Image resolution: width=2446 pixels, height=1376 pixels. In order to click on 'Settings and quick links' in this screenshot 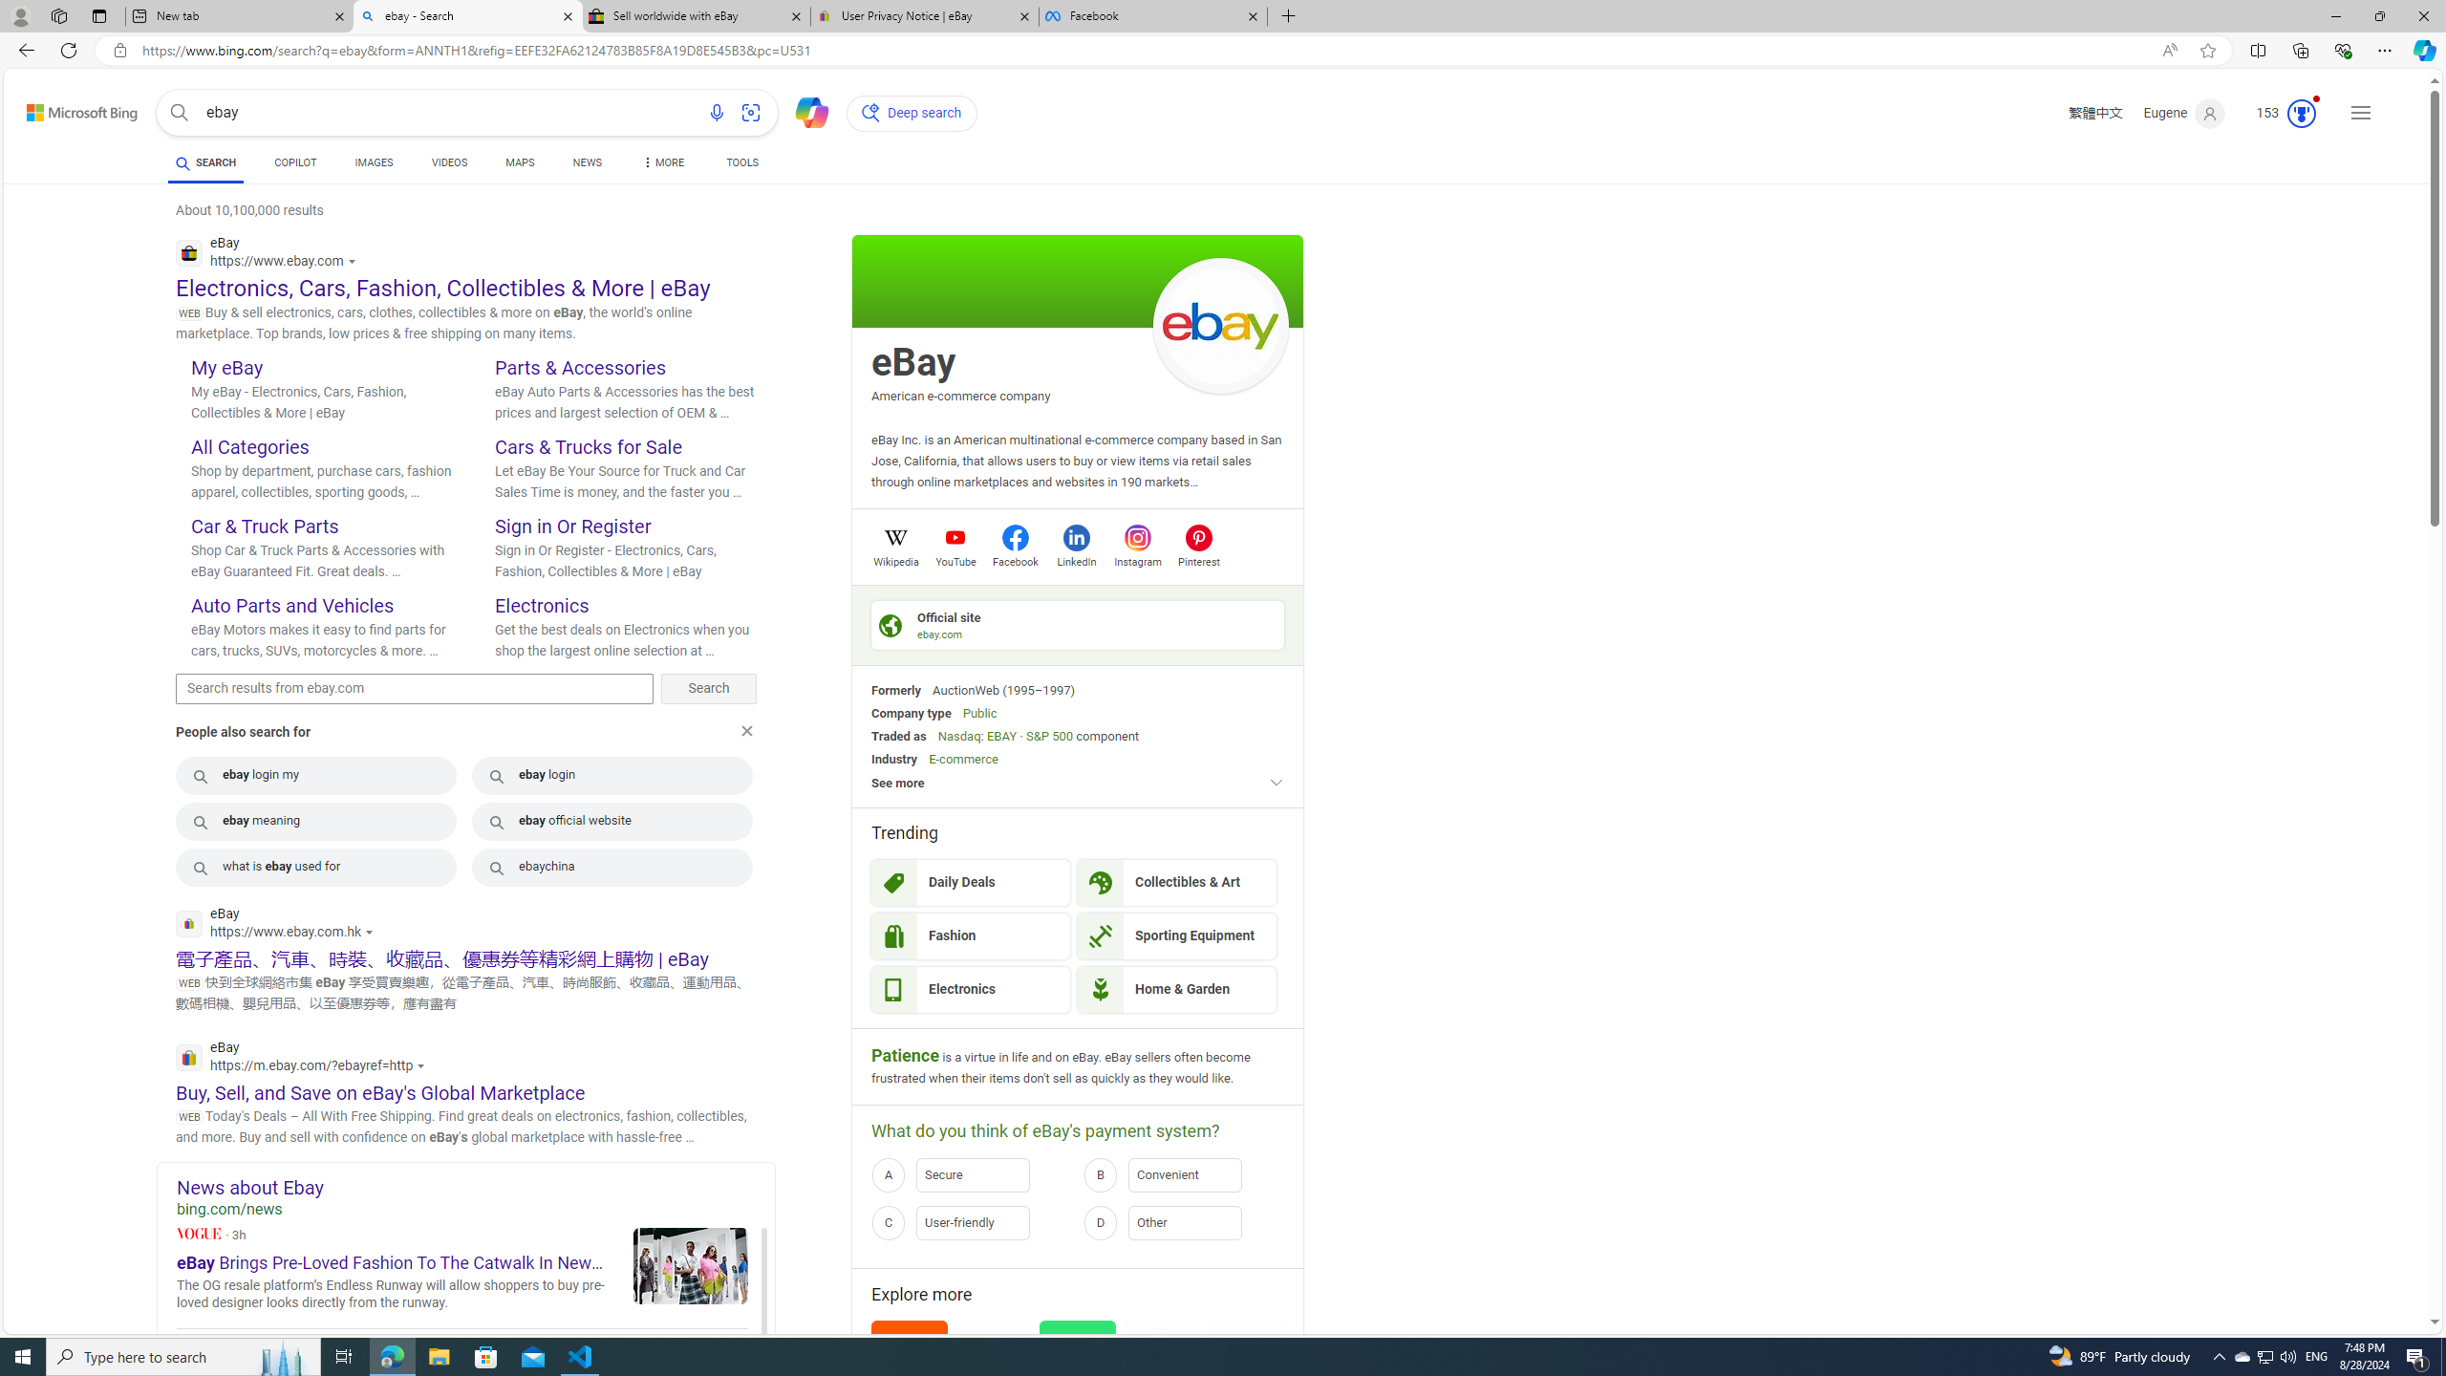, I will do `click(2360, 113)`.